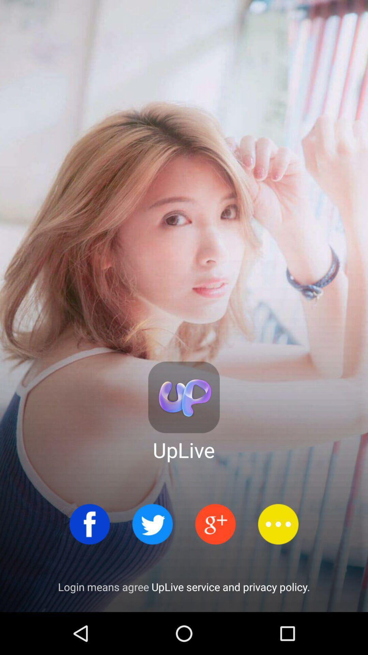  What do you see at coordinates (278, 524) in the screenshot?
I see `the more icon` at bounding box center [278, 524].